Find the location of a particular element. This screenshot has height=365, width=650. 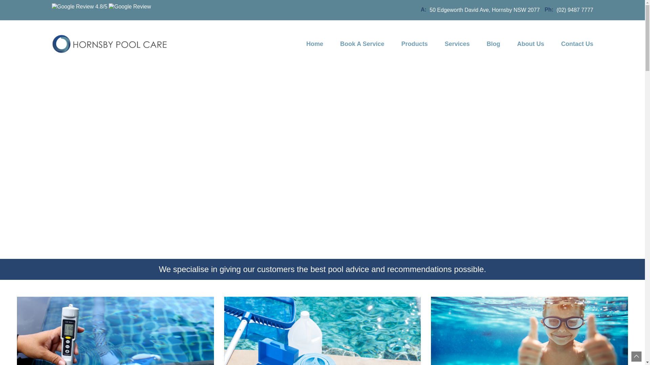

'4.8/5' is located at coordinates (101, 10).